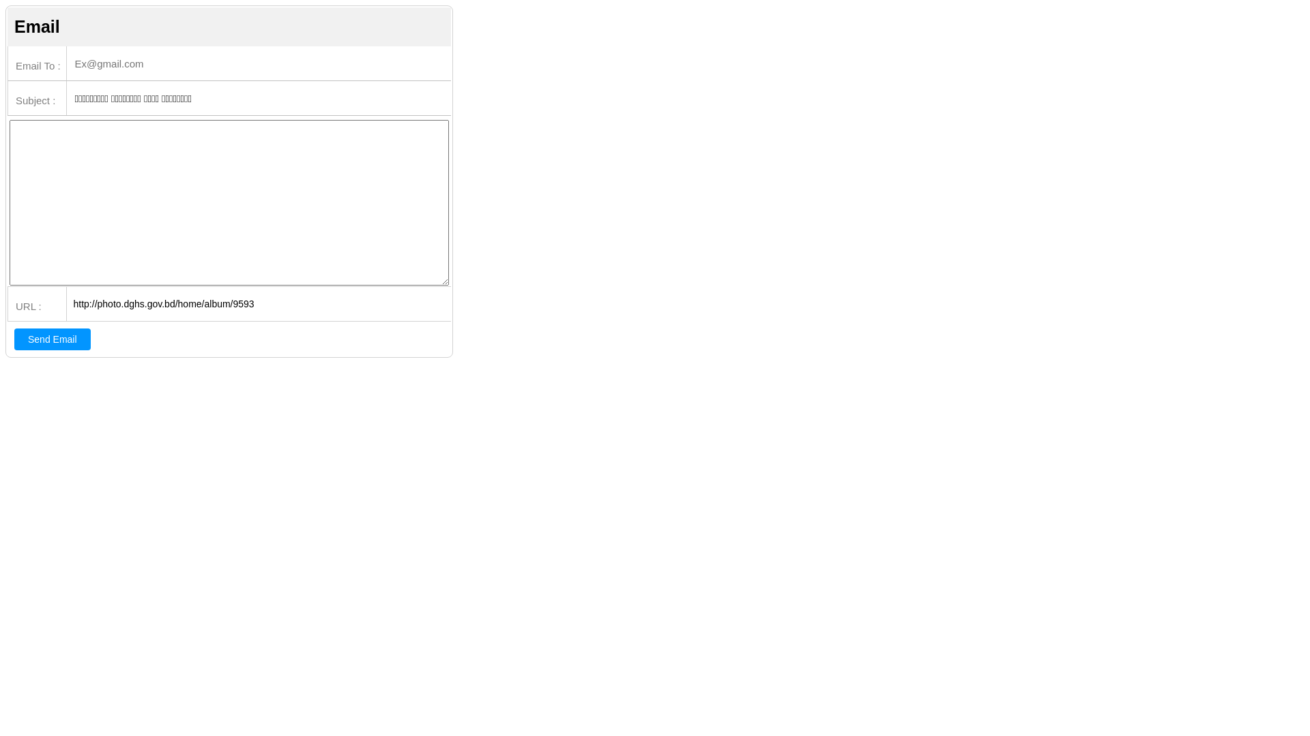 This screenshot has height=736, width=1310. I want to click on 'Send Email', so click(52, 338).